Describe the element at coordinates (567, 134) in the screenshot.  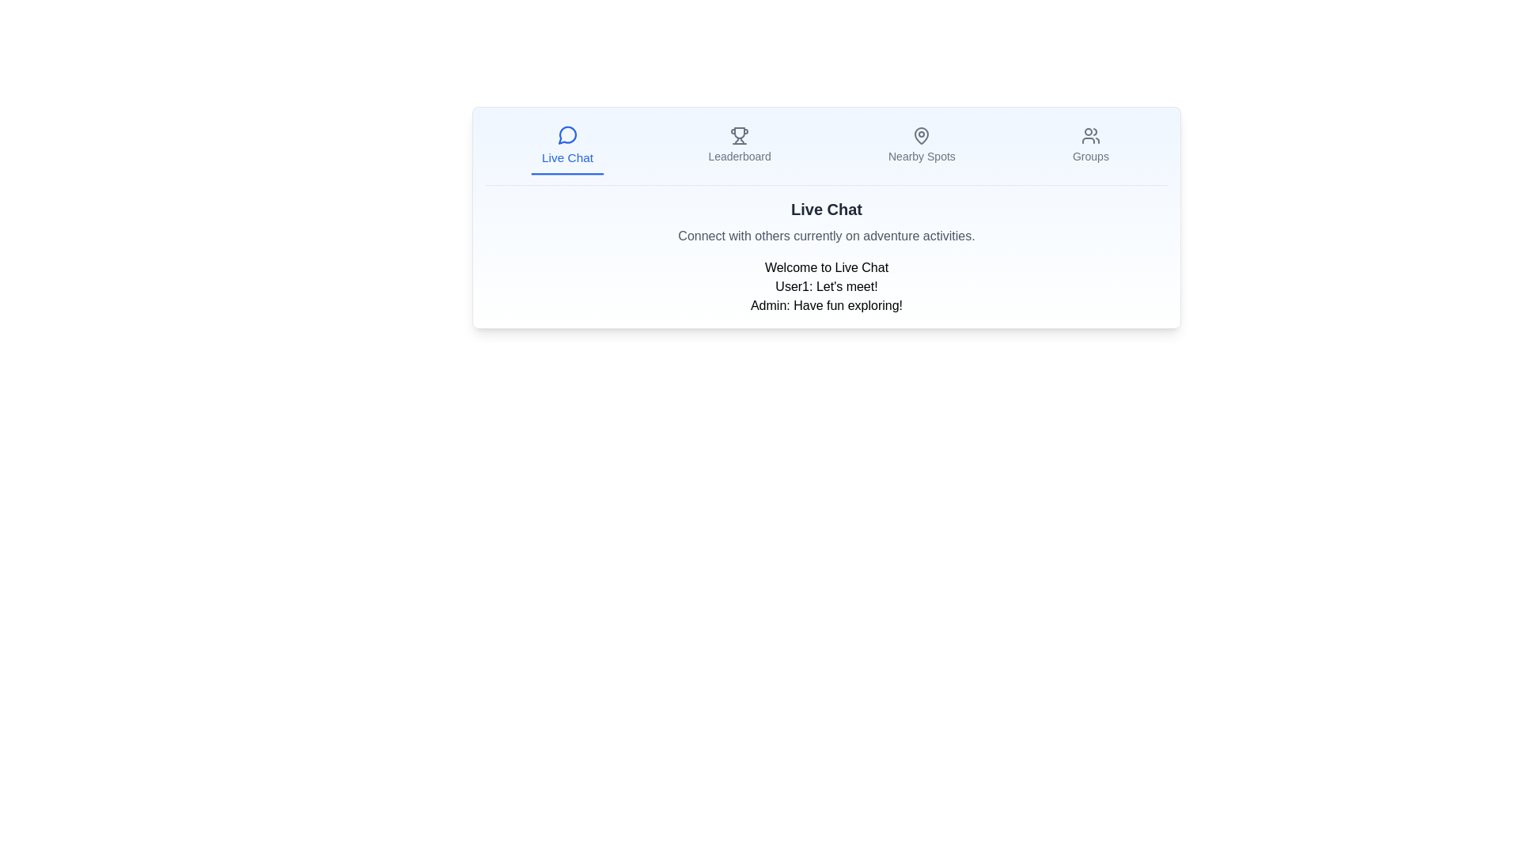
I see `the 'Chat' or 'Messaging' icon located in the navigation bar at the top of the interface, which is the first icon from the left and appears above the 'Live Chat' label` at that location.